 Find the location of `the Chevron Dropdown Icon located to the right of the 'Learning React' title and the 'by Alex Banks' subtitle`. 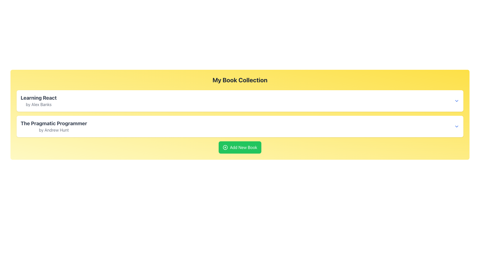

the Chevron Dropdown Icon located to the right of the 'Learning React' title and the 'by Alex Banks' subtitle is located at coordinates (456, 101).